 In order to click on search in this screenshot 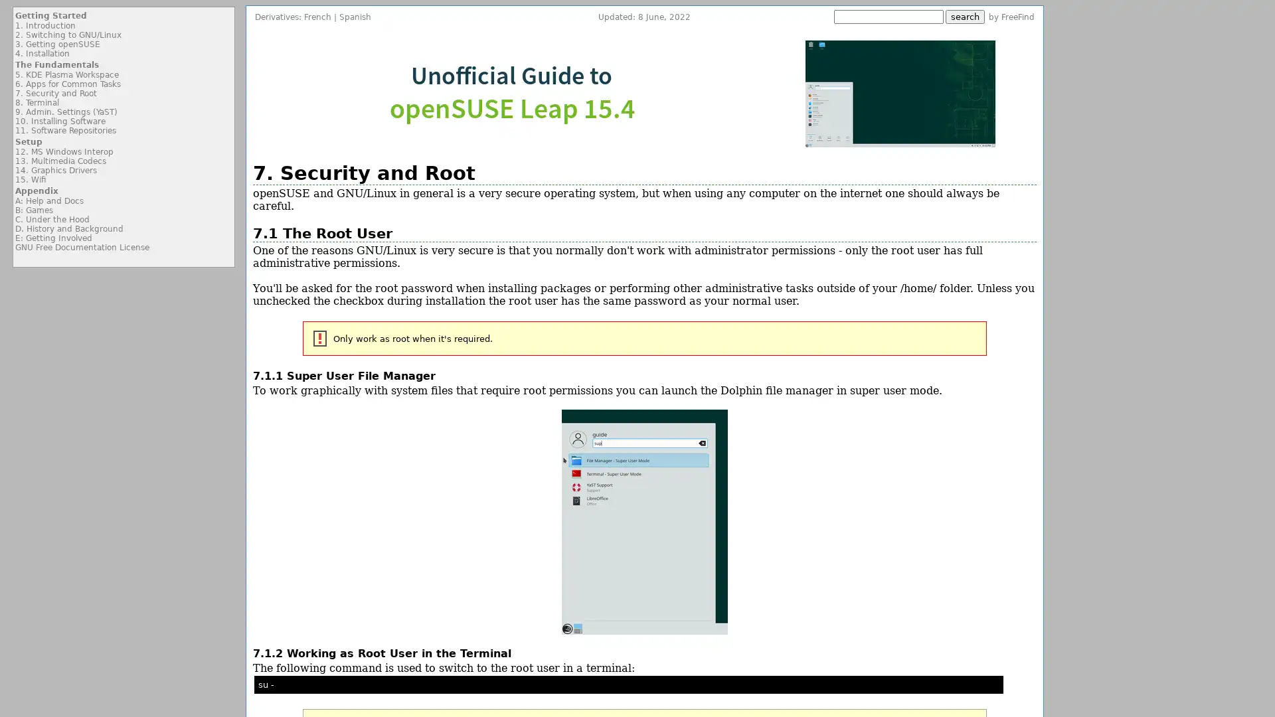, I will do `click(965, 17)`.